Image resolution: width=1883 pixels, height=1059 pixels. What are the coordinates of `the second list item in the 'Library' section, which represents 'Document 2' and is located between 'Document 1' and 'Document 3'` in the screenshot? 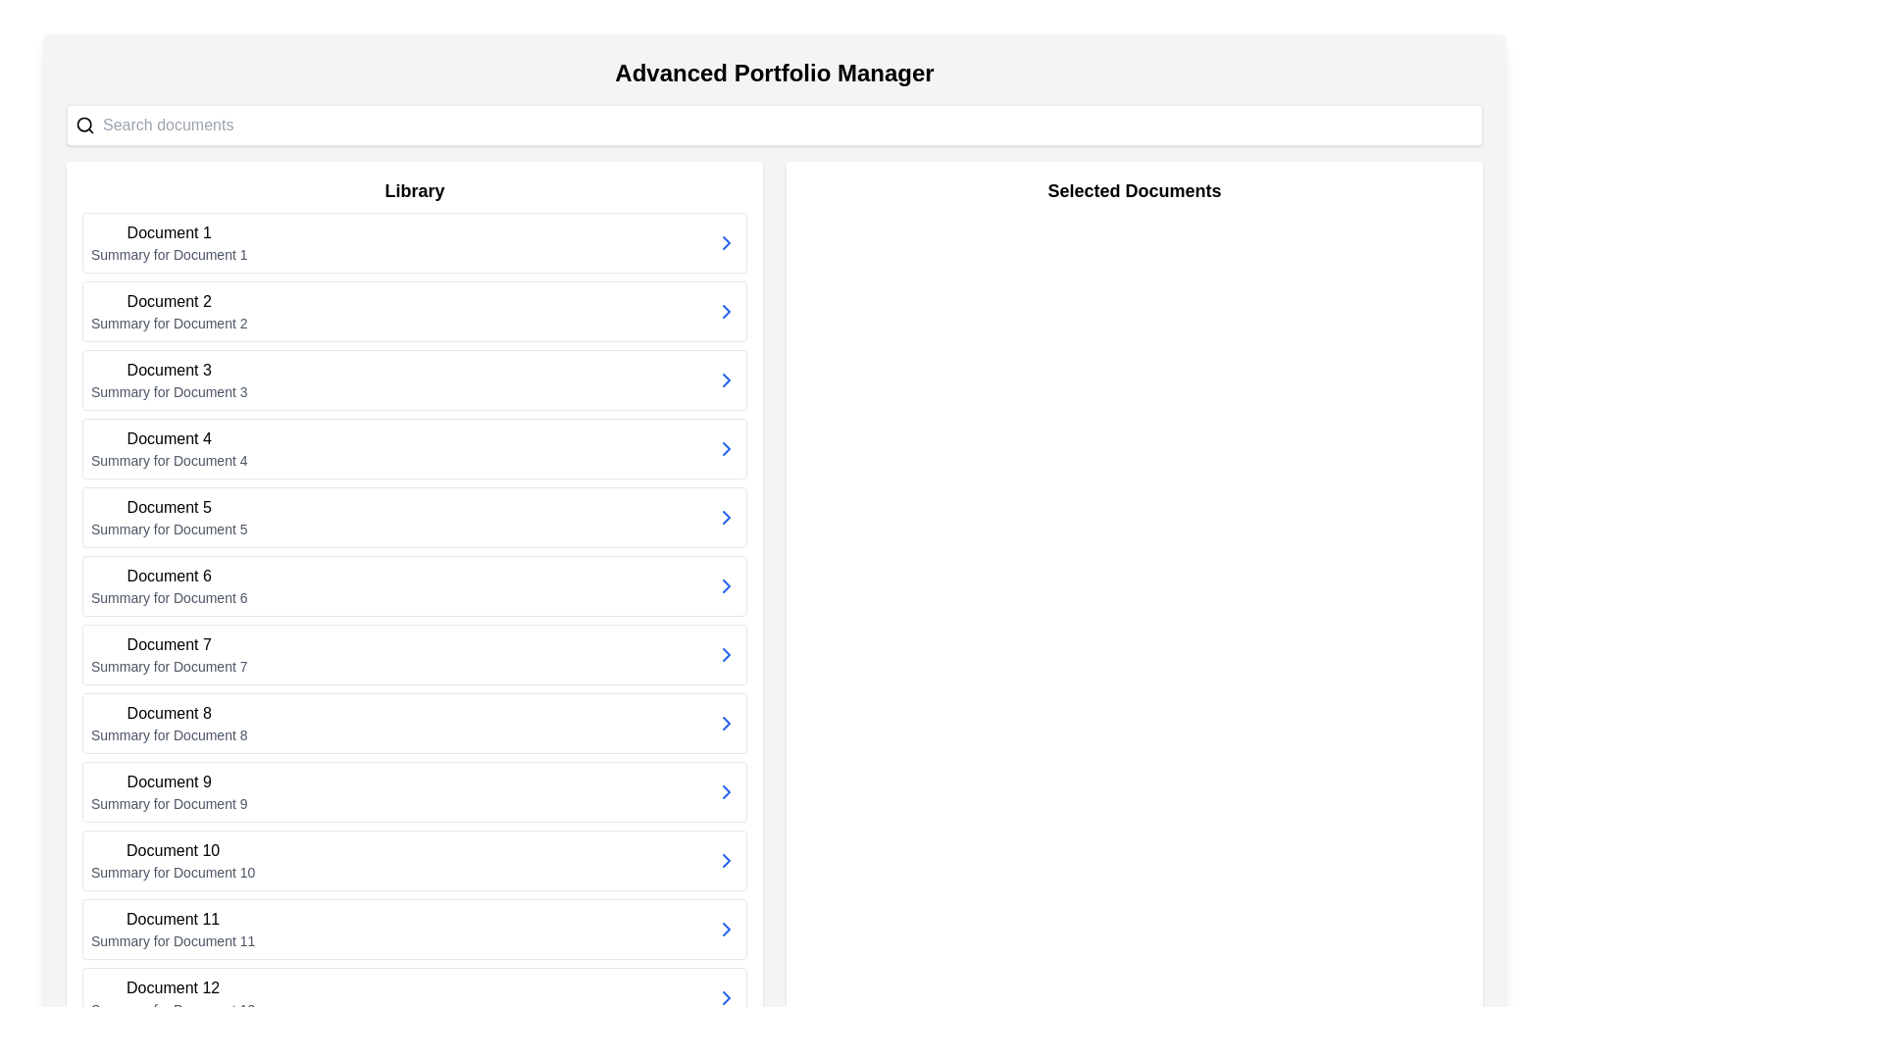 It's located at (413, 310).